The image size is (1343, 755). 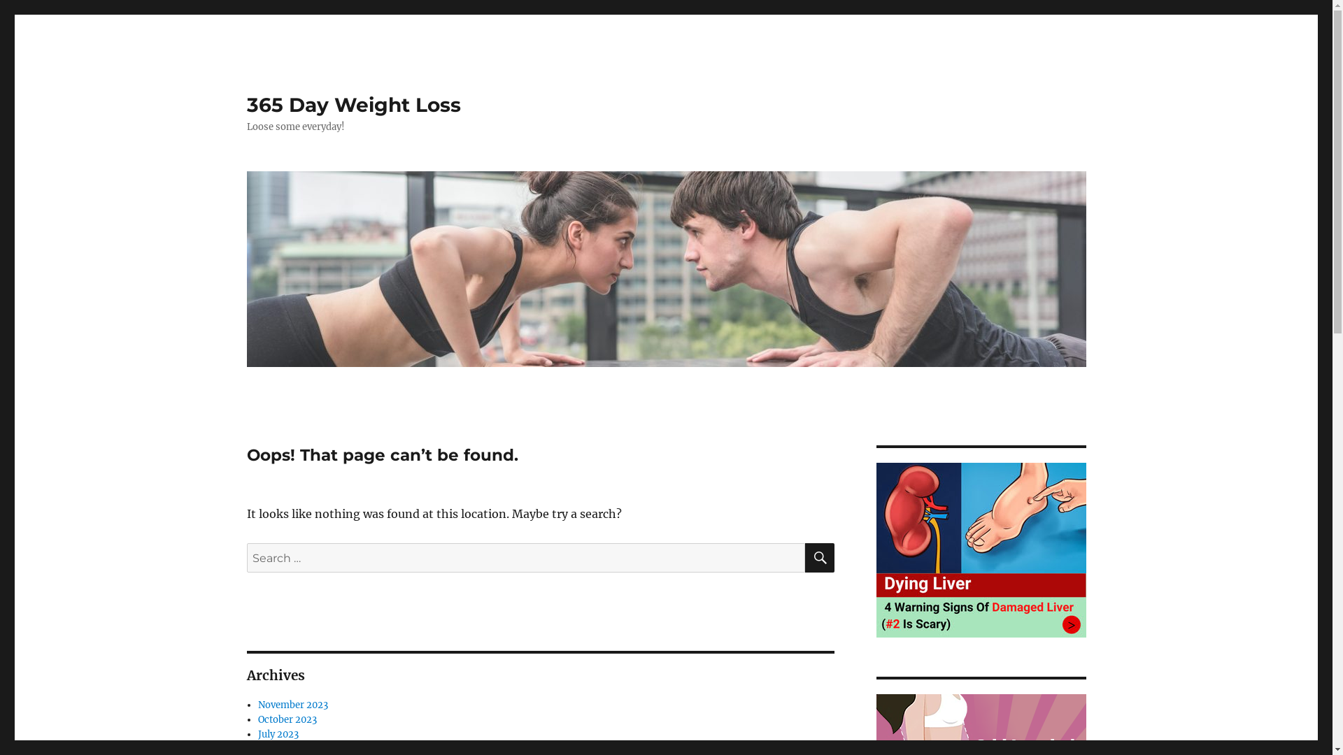 What do you see at coordinates (287, 719) in the screenshot?
I see `'October 2023'` at bounding box center [287, 719].